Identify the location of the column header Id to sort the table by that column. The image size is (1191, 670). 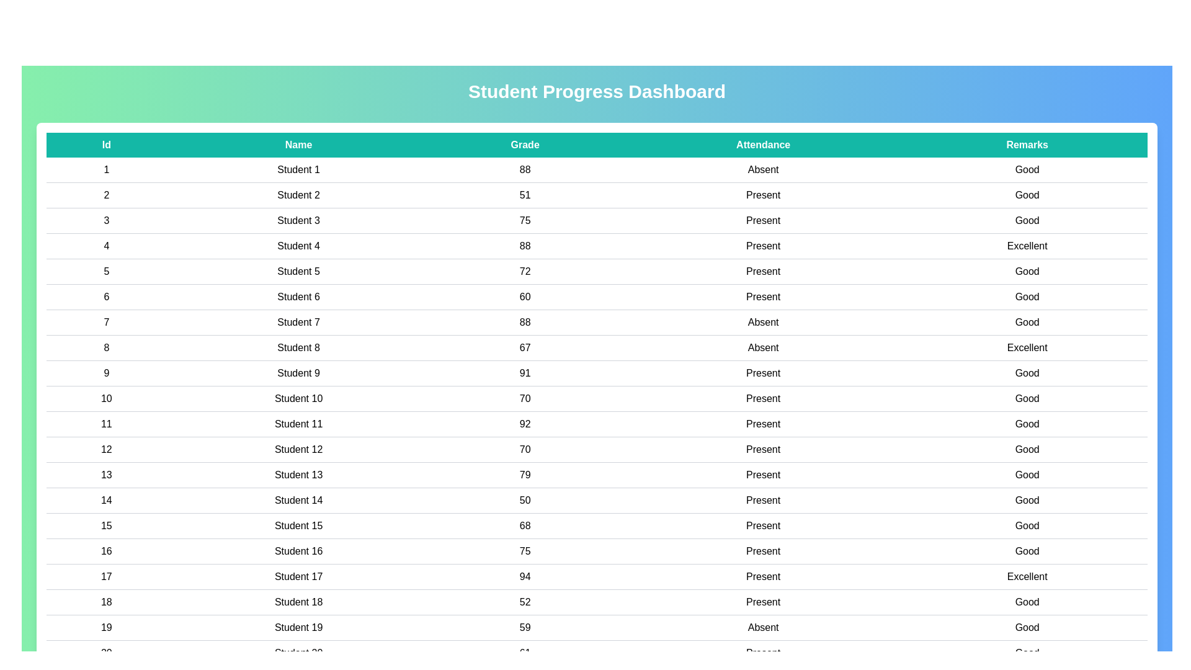
(106, 145).